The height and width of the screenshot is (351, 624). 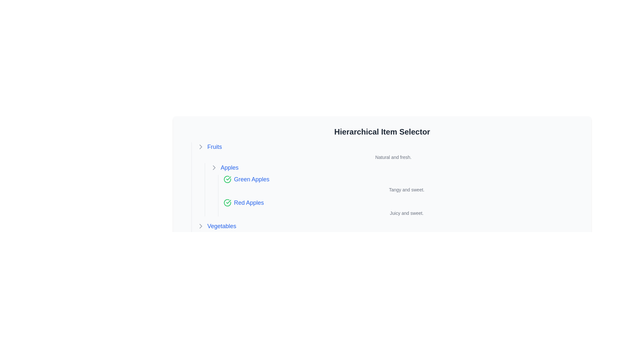 I want to click on the Chevron icon located at the leftmost part of the 'Fruits' row, so click(x=201, y=147).